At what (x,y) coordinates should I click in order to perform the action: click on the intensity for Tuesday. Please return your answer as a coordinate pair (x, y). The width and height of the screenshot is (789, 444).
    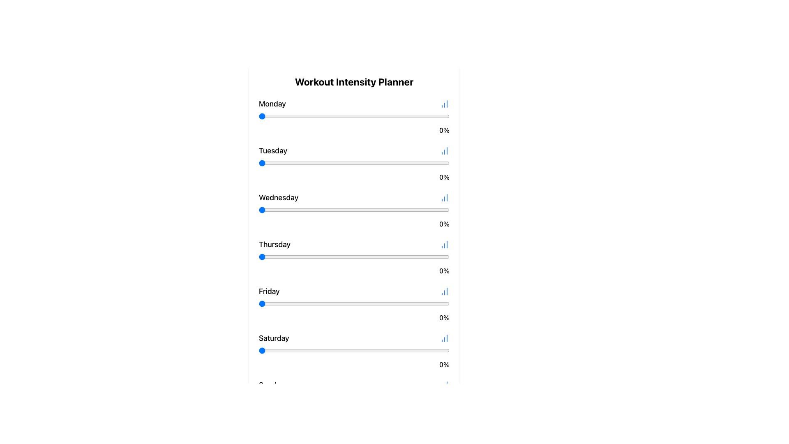
    Looking at the image, I should click on (362, 163).